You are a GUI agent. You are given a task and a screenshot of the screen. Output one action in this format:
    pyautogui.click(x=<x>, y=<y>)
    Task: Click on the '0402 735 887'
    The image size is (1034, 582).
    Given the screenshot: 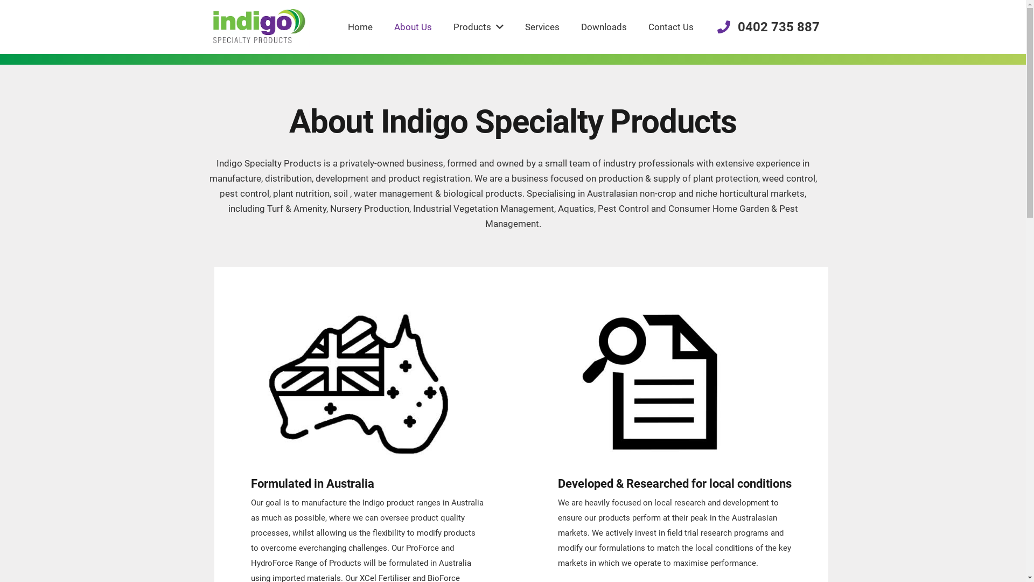 What is the action you would take?
    pyautogui.click(x=717, y=26)
    